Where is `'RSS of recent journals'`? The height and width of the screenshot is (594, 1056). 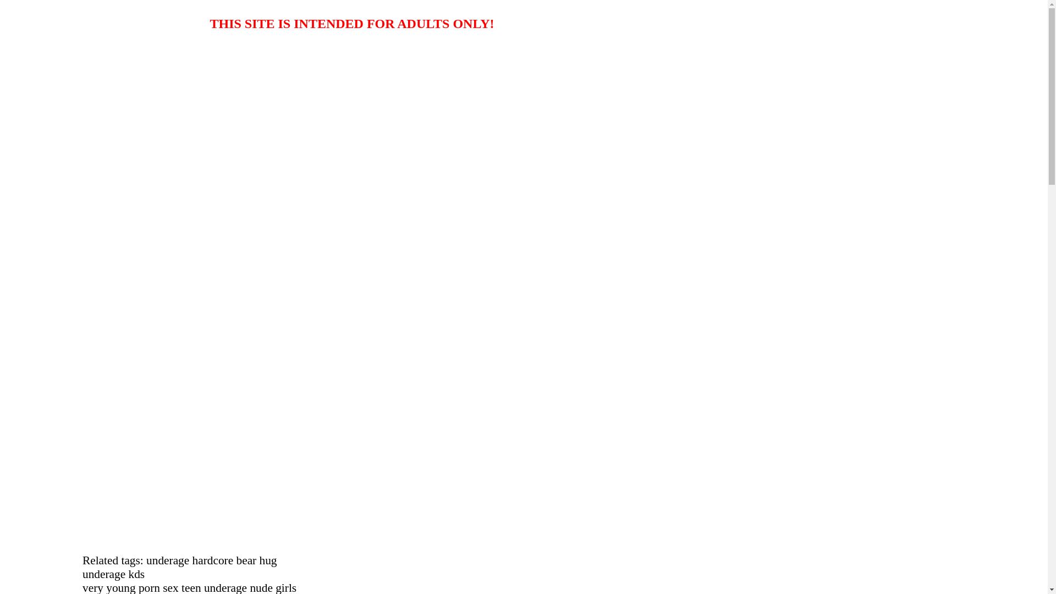 'RSS of recent journals' is located at coordinates (87, 437).